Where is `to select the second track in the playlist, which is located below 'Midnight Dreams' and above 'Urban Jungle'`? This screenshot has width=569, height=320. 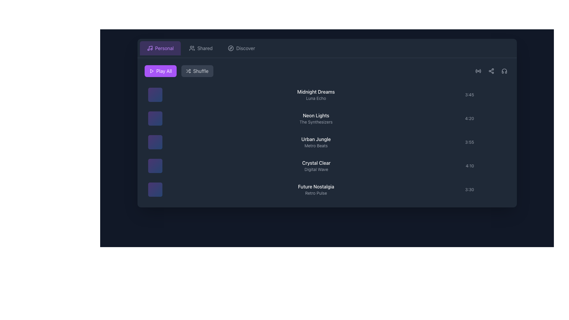
to select the second track in the playlist, which is located below 'Midnight Dreams' and above 'Urban Jungle' is located at coordinates (327, 119).